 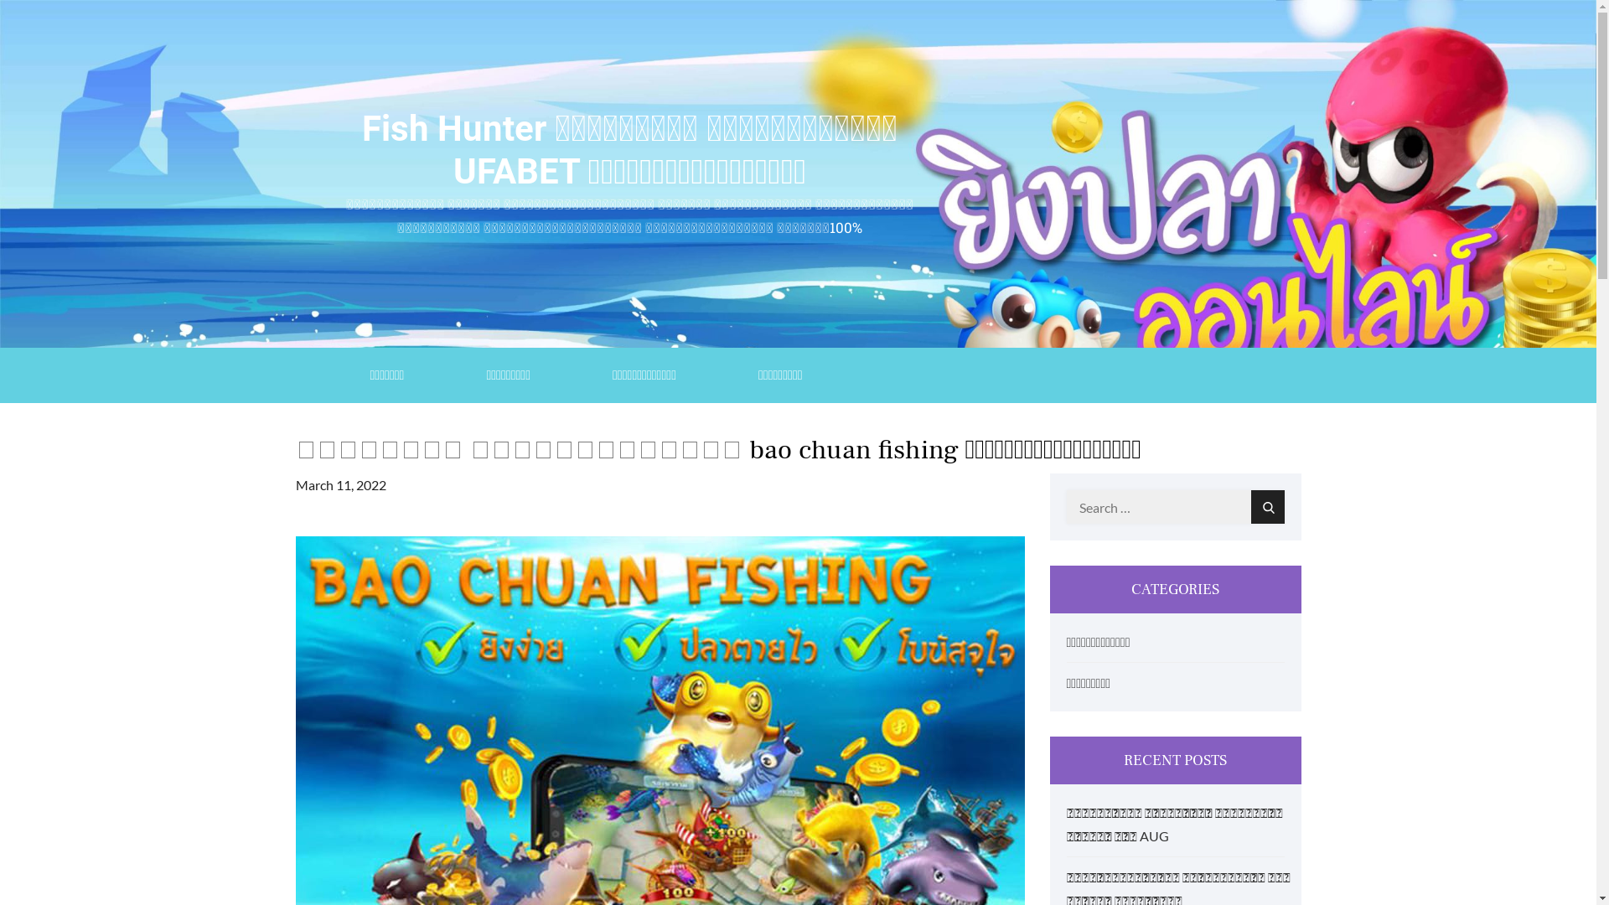 I want to click on 'March 11, 2022', so click(x=339, y=484).